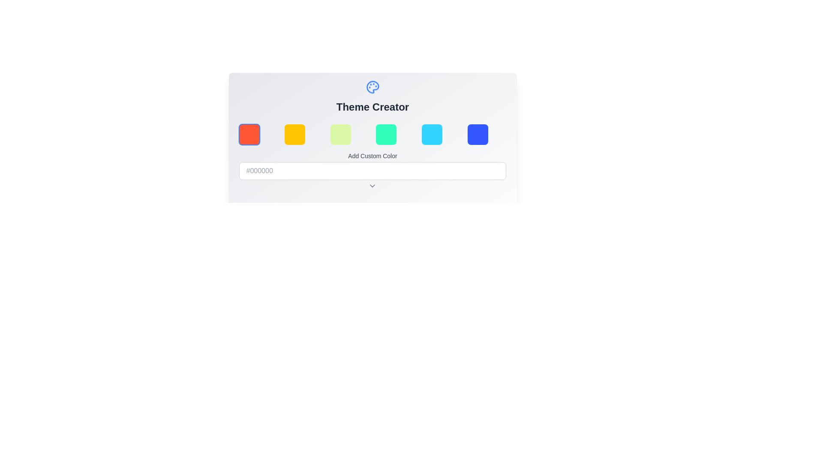 Image resolution: width=823 pixels, height=463 pixels. Describe the element at coordinates (372, 87) in the screenshot. I see `the blue circular palette icon with small circles inside, located at the top center of the 'Theme Creator' section, for recognition` at that location.